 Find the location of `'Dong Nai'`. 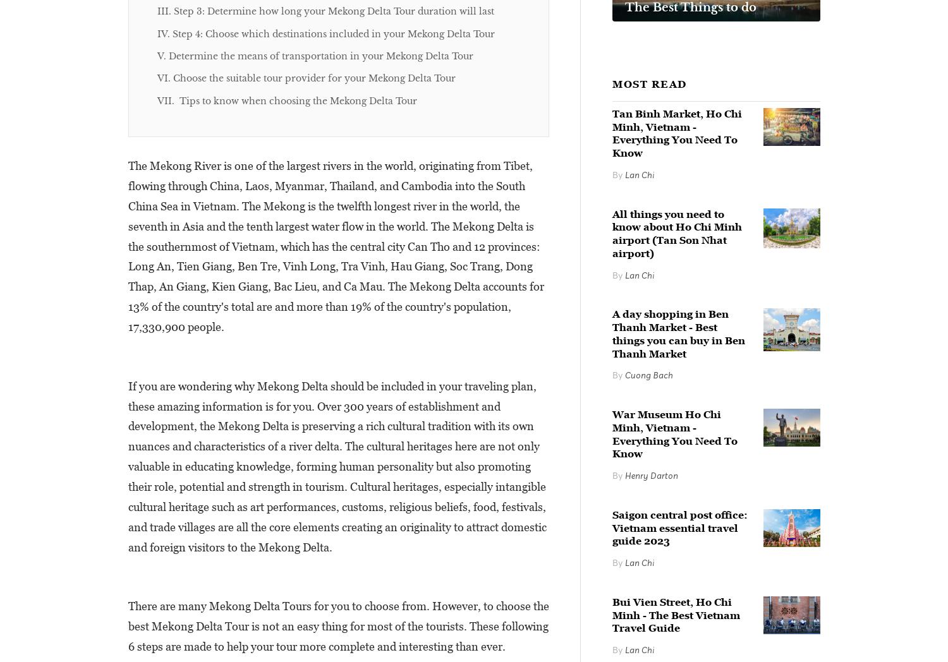

'Dong Nai' is located at coordinates (383, 191).